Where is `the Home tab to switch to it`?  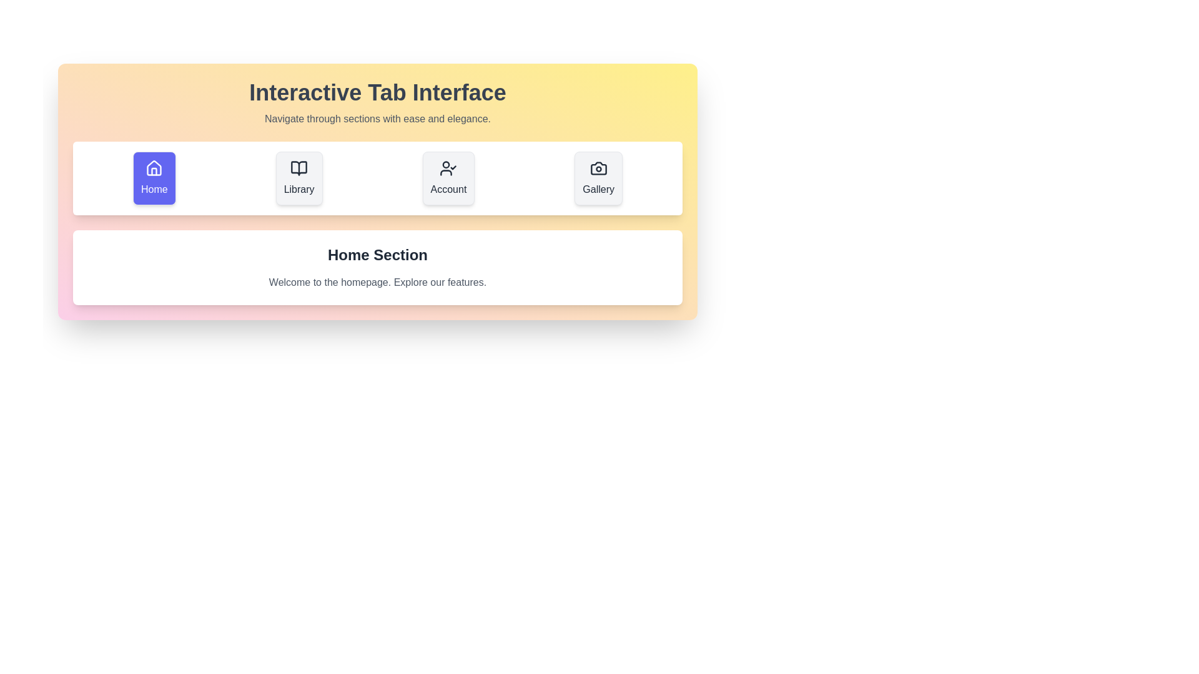 the Home tab to switch to it is located at coordinates (153, 178).